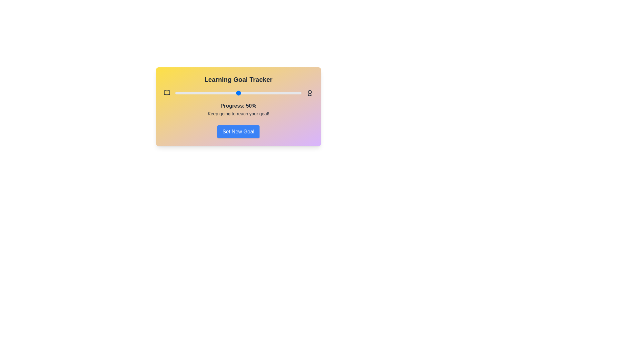 The image size is (619, 348). What do you see at coordinates (175, 93) in the screenshot?
I see `the progress slider to 0%` at bounding box center [175, 93].